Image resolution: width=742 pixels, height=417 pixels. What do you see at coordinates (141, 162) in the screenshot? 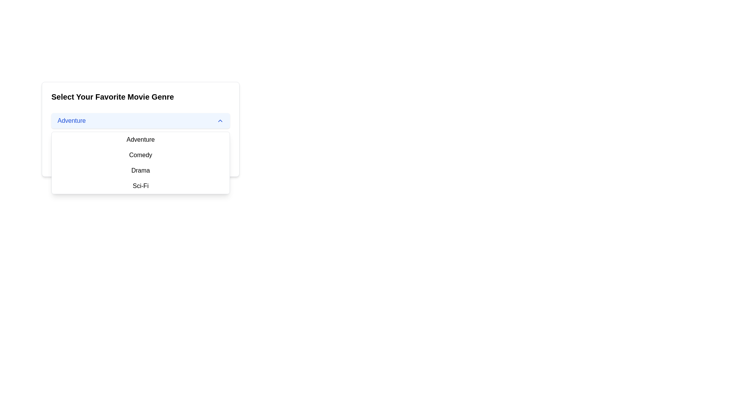
I see `the 'Comedy' option in the dropdown menu located below the 'Adventure' button, which contains movie genres such as 'Adventure', 'Comedy', 'Drama', and 'Sci-Fi'` at bounding box center [141, 162].